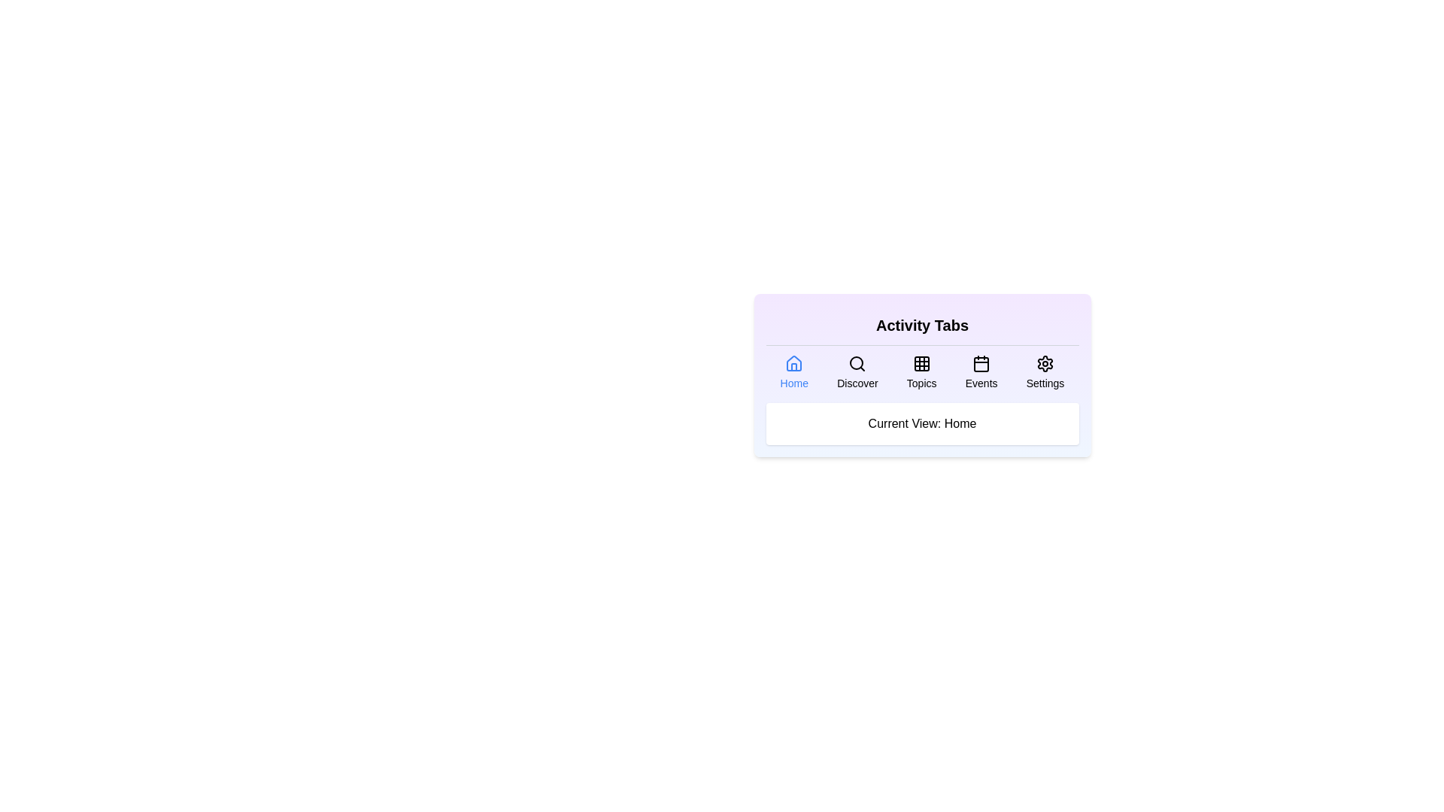  What do you see at coordinates (1045, 372) in the screenshot?
I see `the tab icon corresponding to Settings` at bounding box center [1045, 372].